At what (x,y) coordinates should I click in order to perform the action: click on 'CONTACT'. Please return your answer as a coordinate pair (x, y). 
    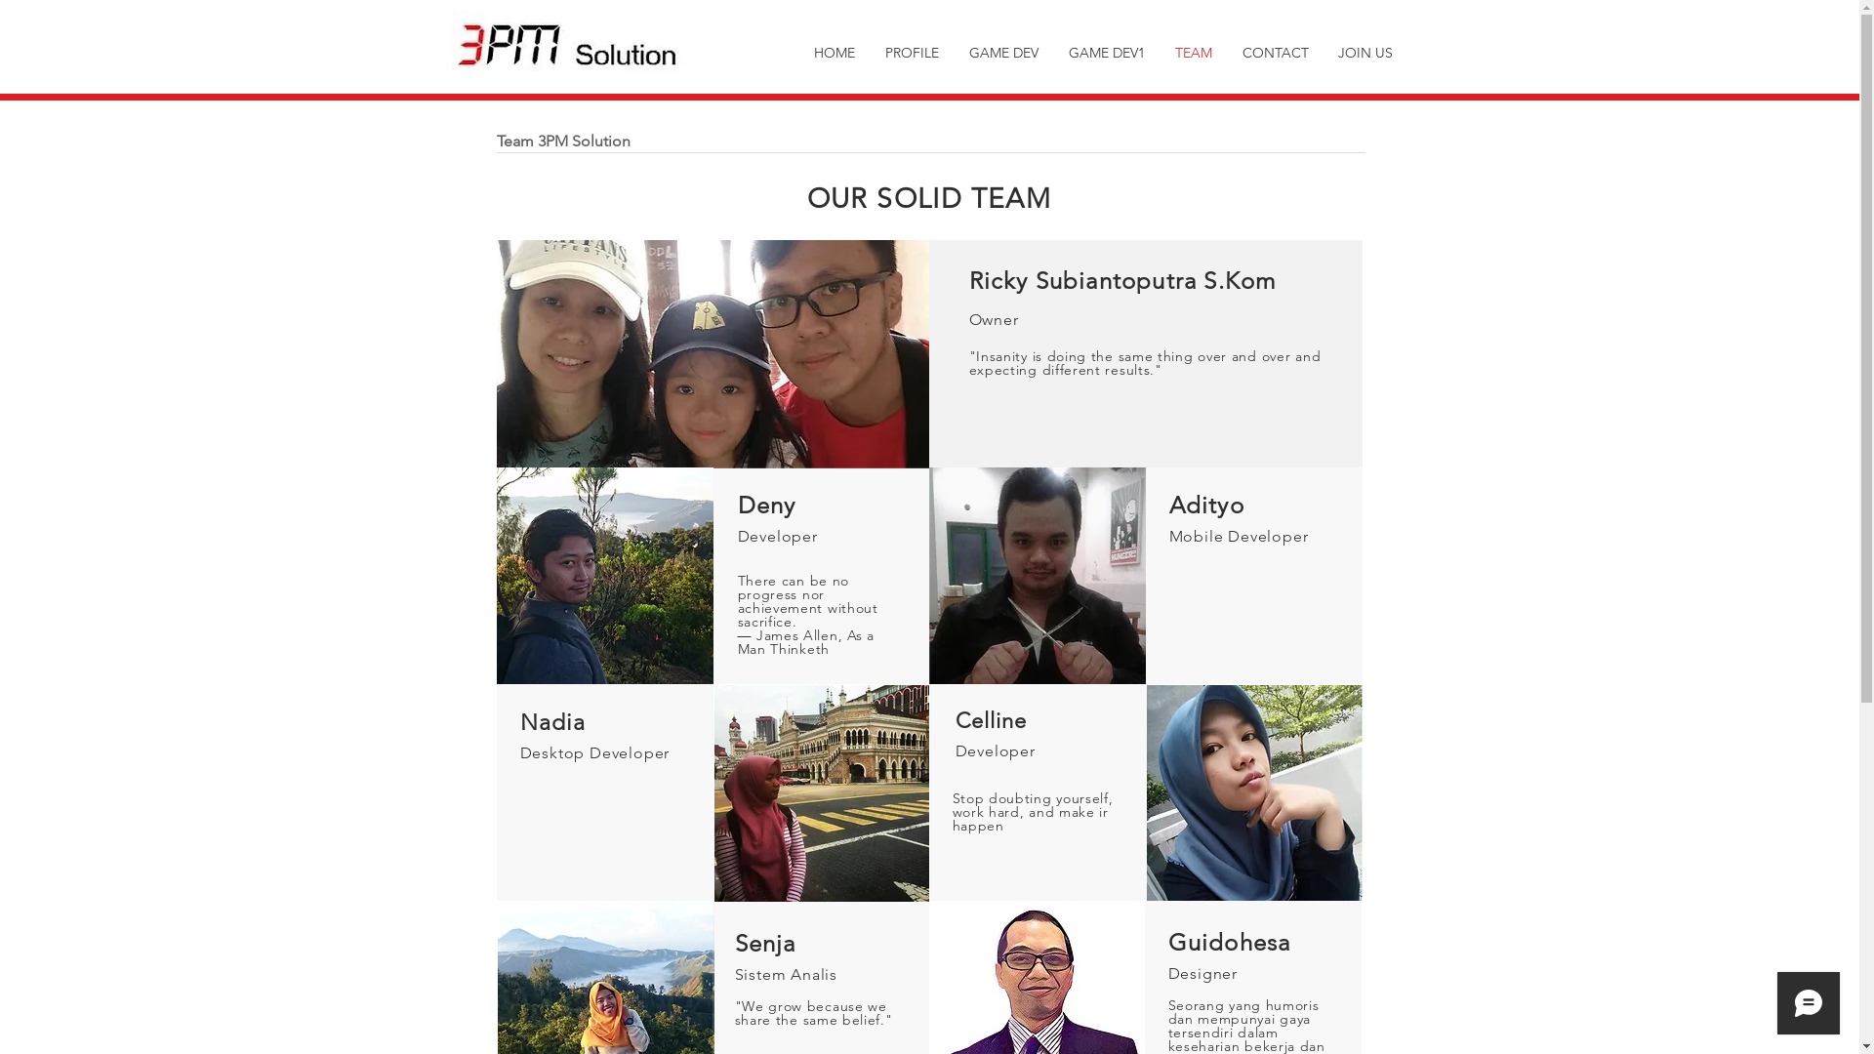
    Looking at the image, I should click on (1275, 52).